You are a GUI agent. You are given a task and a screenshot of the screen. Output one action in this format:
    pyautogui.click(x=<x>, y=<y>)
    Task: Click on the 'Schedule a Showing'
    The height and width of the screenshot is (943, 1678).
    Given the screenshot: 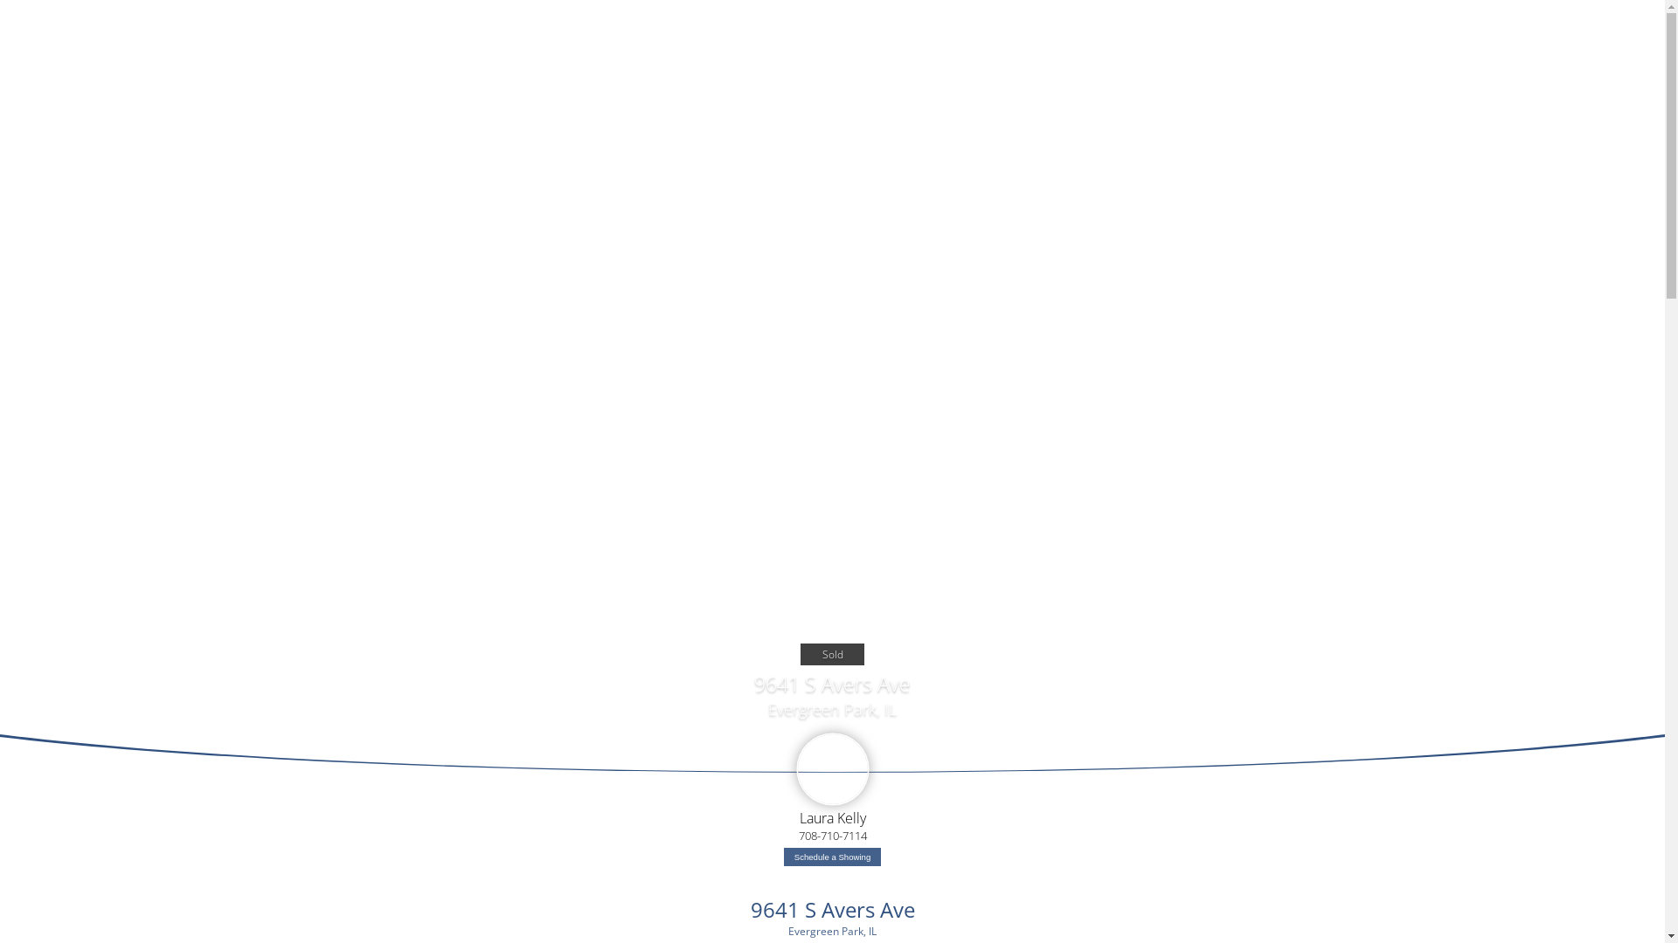 What is the action you would take?
    pyautogui.click(x=831, y=856)
    